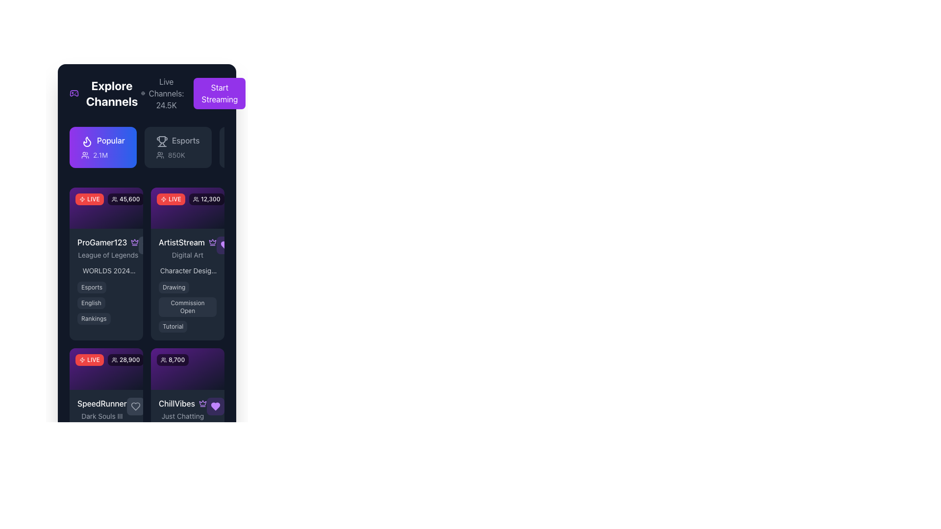 The height and width of the screenshot is (529, 941). I want to click on the header text 'Explore Channels', so click(105, 94).